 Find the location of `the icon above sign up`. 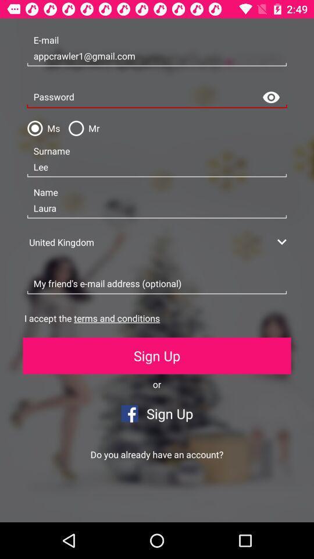

the icon above sign up is located at coordinates (91, 318).